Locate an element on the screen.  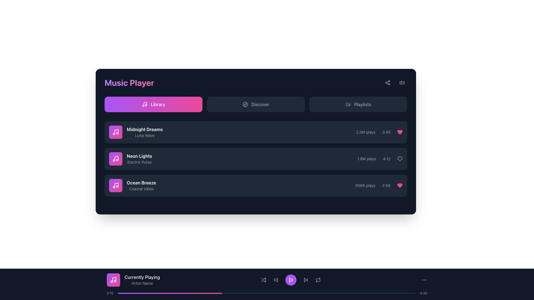
the text display component that shows the title 'Neon Lights' and subtitle 'Electric Pulse', which is the second item in the song list located centrally in the playlist area is located at coordinates (139, 159).